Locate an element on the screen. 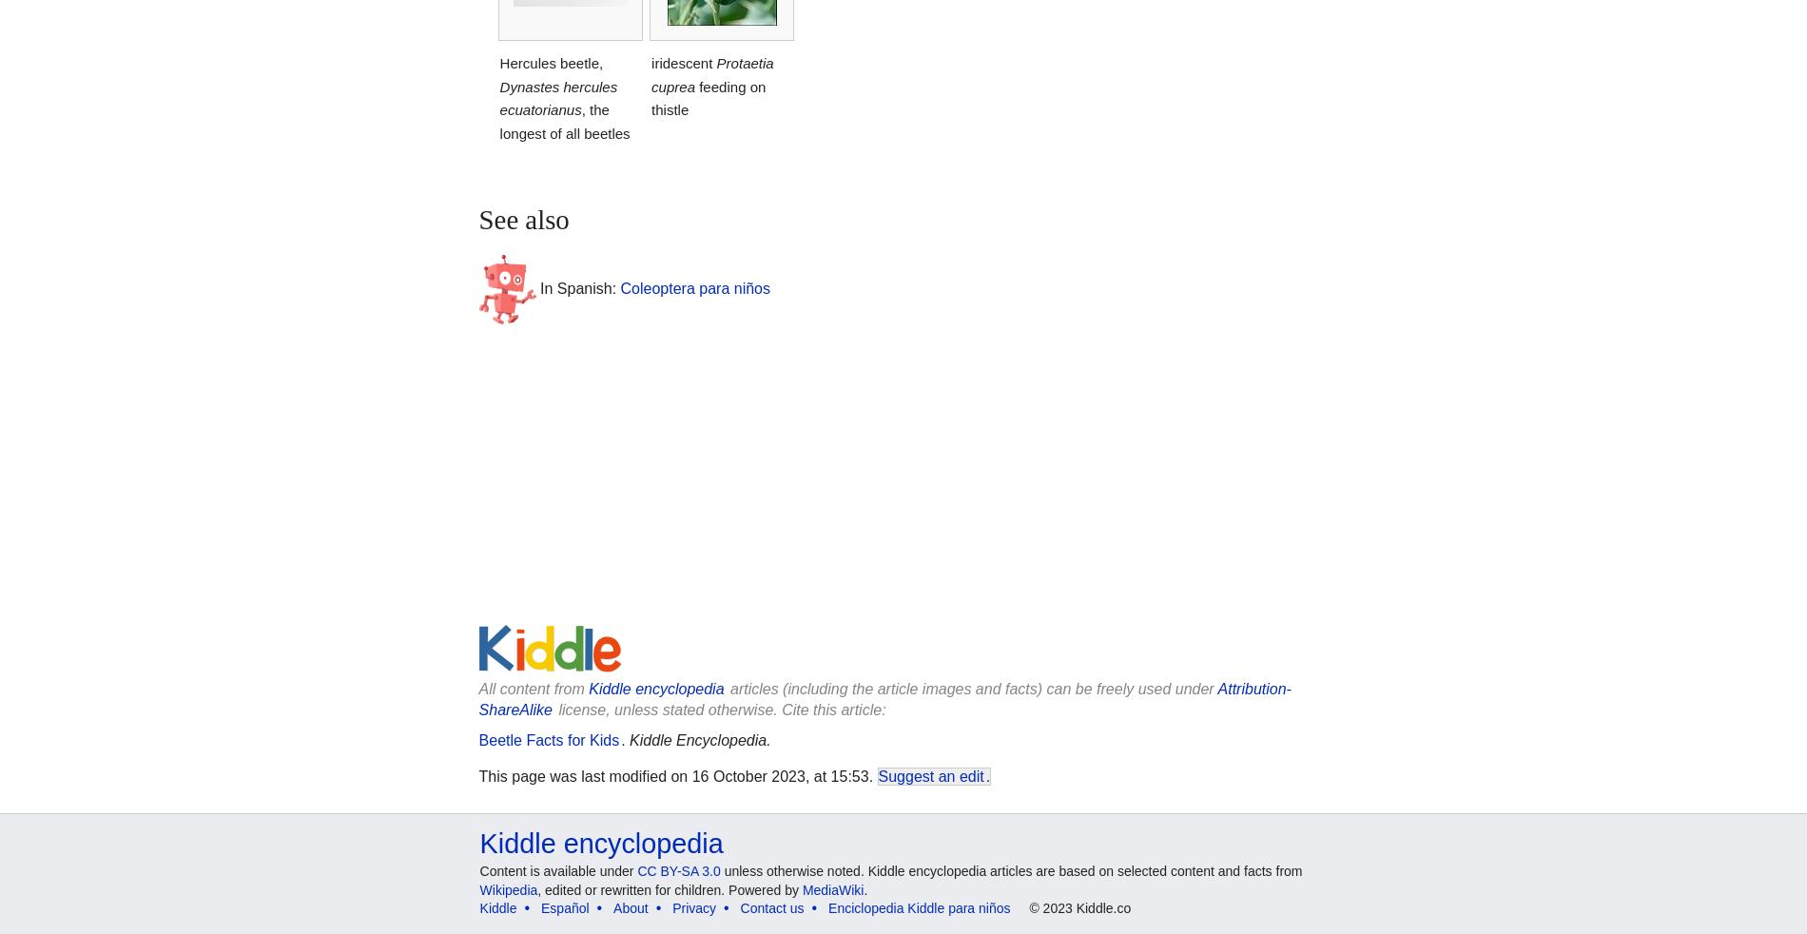 This screenshot has width=1807, height=934. 'iridescent' is located at coordinates (651, 61).